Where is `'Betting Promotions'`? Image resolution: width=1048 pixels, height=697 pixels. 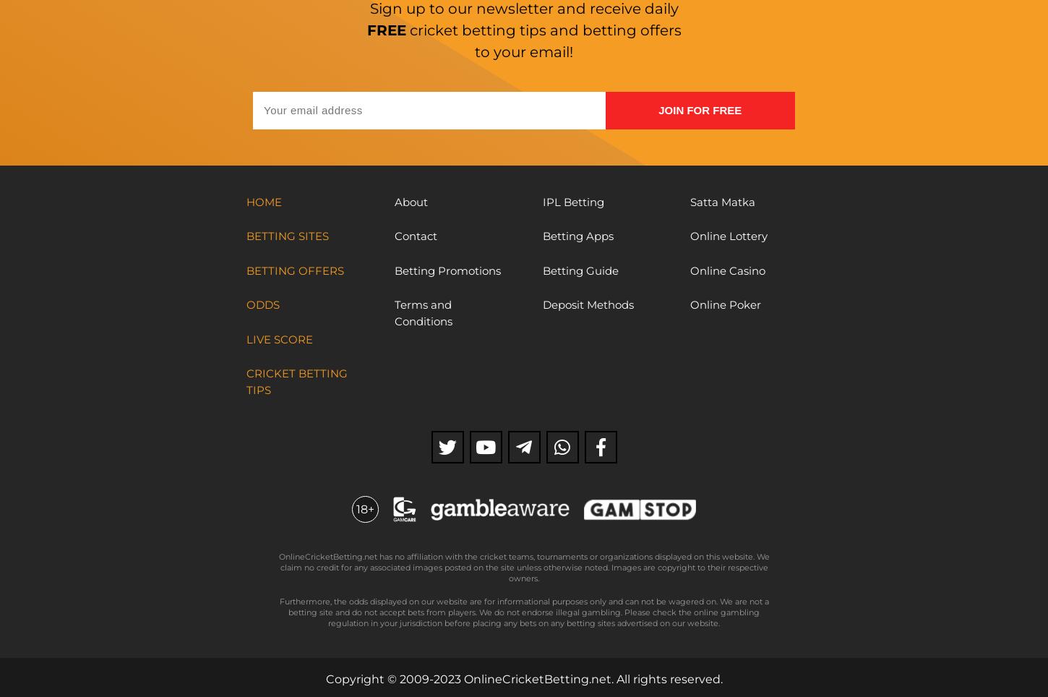
'Betting Promotions' is located at coordinates (394, 270).